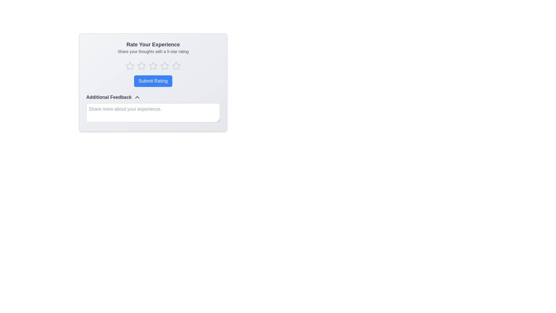  I want to click on the Multiline Text Input Field located below the 'Additional Feedback' text to focus on it, so click(153, 113).